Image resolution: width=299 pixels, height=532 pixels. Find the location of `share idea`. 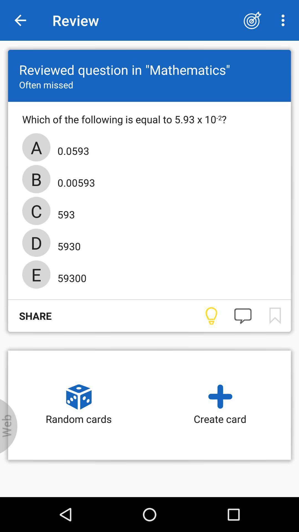

share idea is located at coordinates (211, 316).